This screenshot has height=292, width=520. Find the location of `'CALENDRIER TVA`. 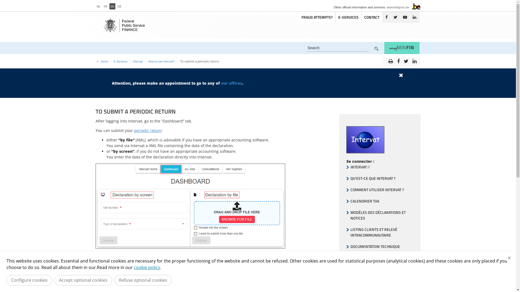

'CALENDRIER TVA is located at coordinates (365, 201).